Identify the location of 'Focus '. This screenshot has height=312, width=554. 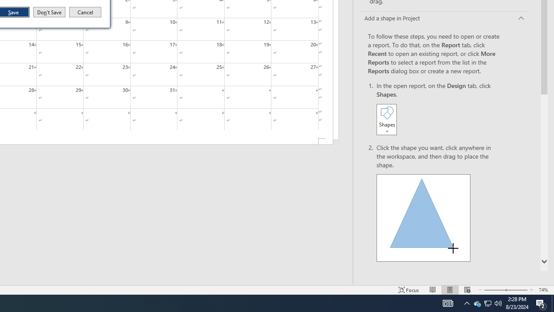
(408, 290).